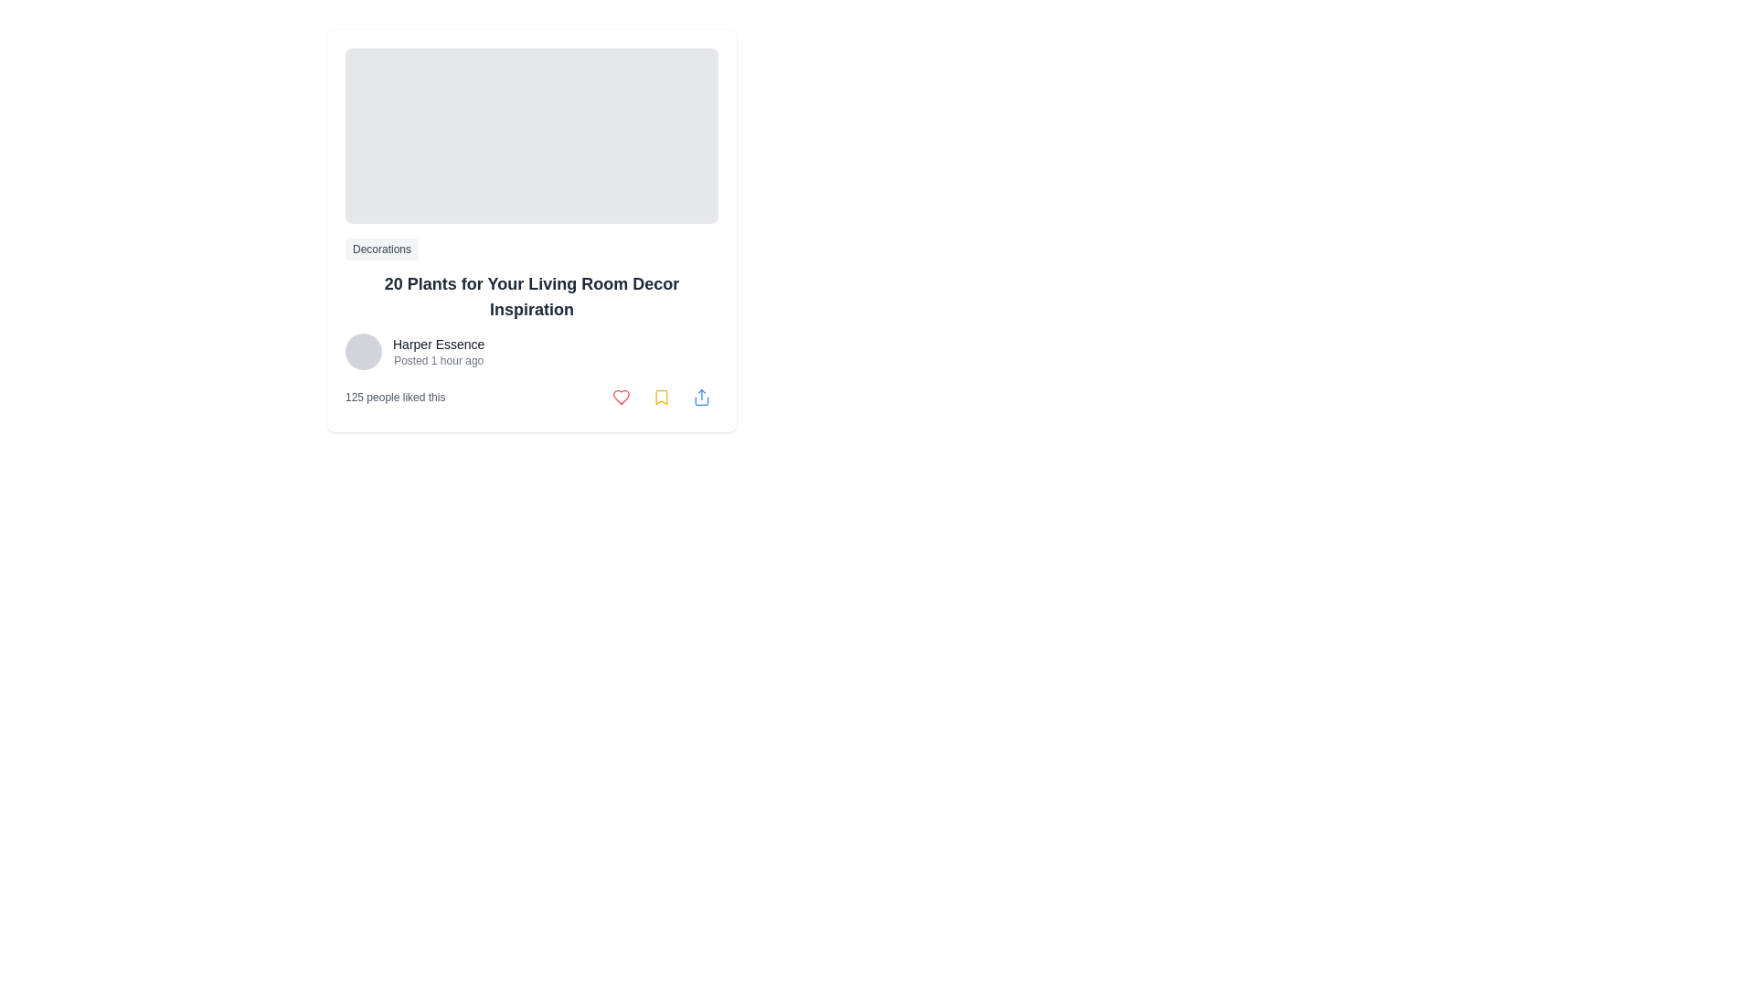 This screenshot has width=1755, height=987. Describe the element at coordinates (661, 397) in the screenshot. I see `the clickable bookmark icon button, which is the second circular button in the horizontal group below the main card's content` at that location.